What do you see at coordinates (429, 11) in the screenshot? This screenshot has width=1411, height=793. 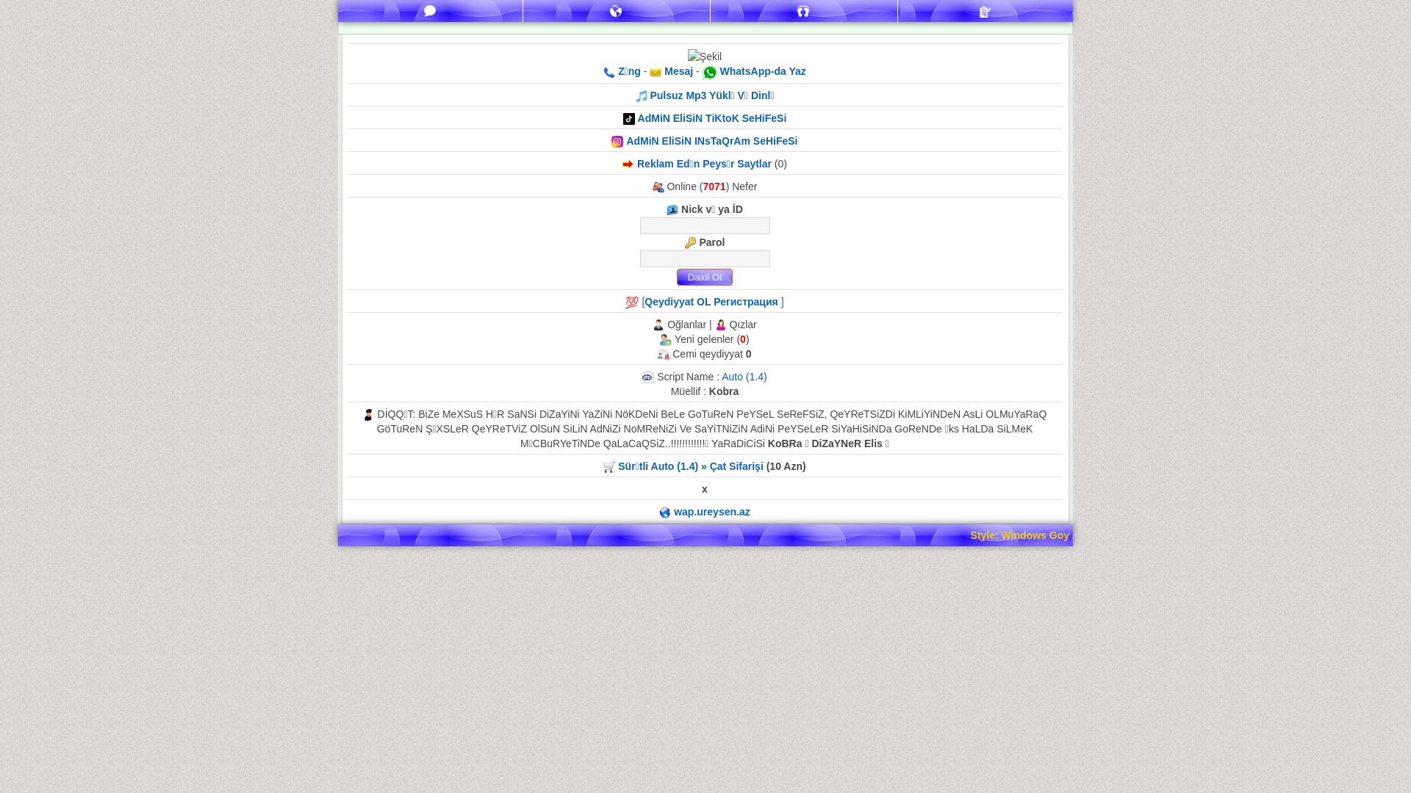 I see `'Mesajlar'` at bounding box center [429, 11].